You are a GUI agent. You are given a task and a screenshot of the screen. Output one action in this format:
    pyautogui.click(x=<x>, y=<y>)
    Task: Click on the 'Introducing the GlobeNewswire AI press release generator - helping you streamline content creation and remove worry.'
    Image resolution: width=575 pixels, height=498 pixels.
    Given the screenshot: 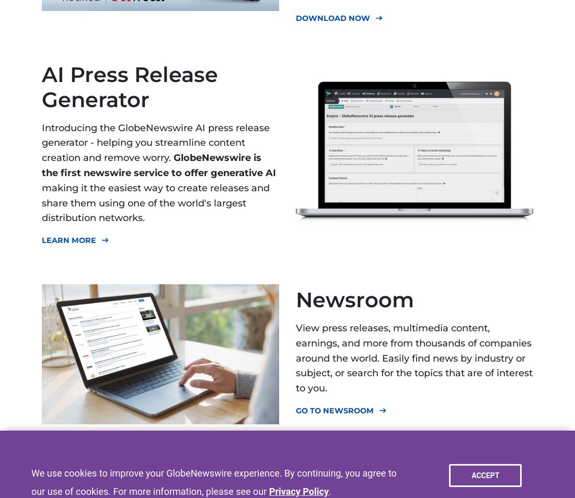 What is the action you would take?
    pyautogui.click(x=155, y=142)
    